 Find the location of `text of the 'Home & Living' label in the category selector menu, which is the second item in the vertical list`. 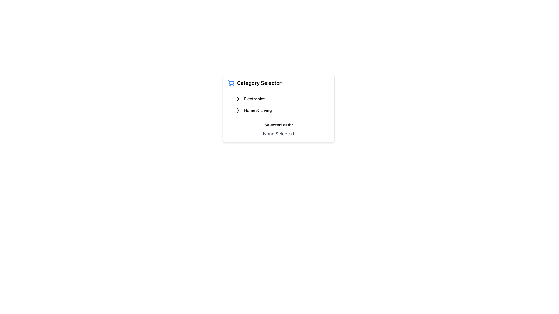

text of the 'Home & Living' label in the category selector menu, which is the second item in the vertical list is located at coordinates (257, 110).